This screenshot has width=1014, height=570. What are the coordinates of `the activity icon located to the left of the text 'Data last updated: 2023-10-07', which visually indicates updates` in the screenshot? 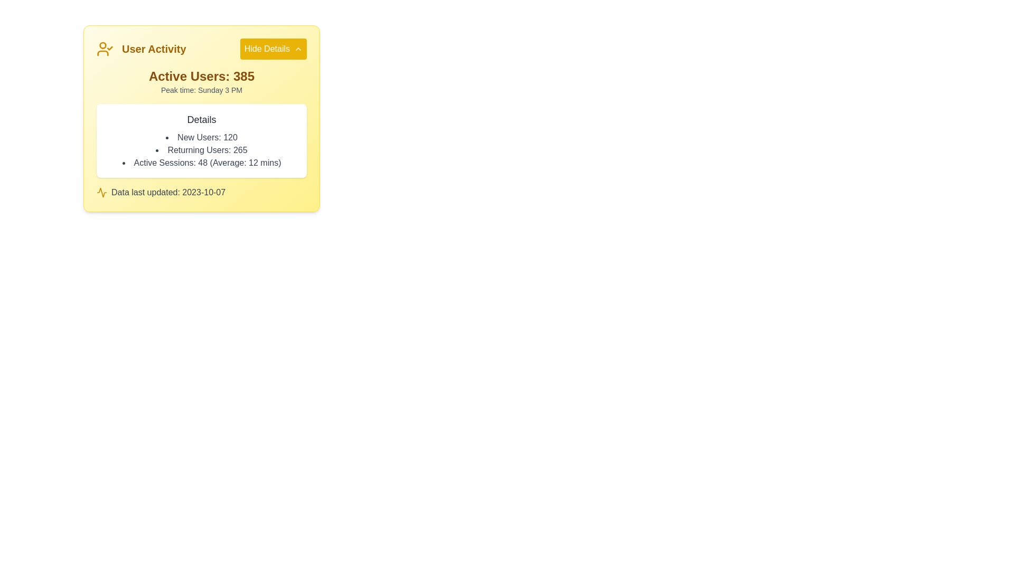 It's located at (101, 193).